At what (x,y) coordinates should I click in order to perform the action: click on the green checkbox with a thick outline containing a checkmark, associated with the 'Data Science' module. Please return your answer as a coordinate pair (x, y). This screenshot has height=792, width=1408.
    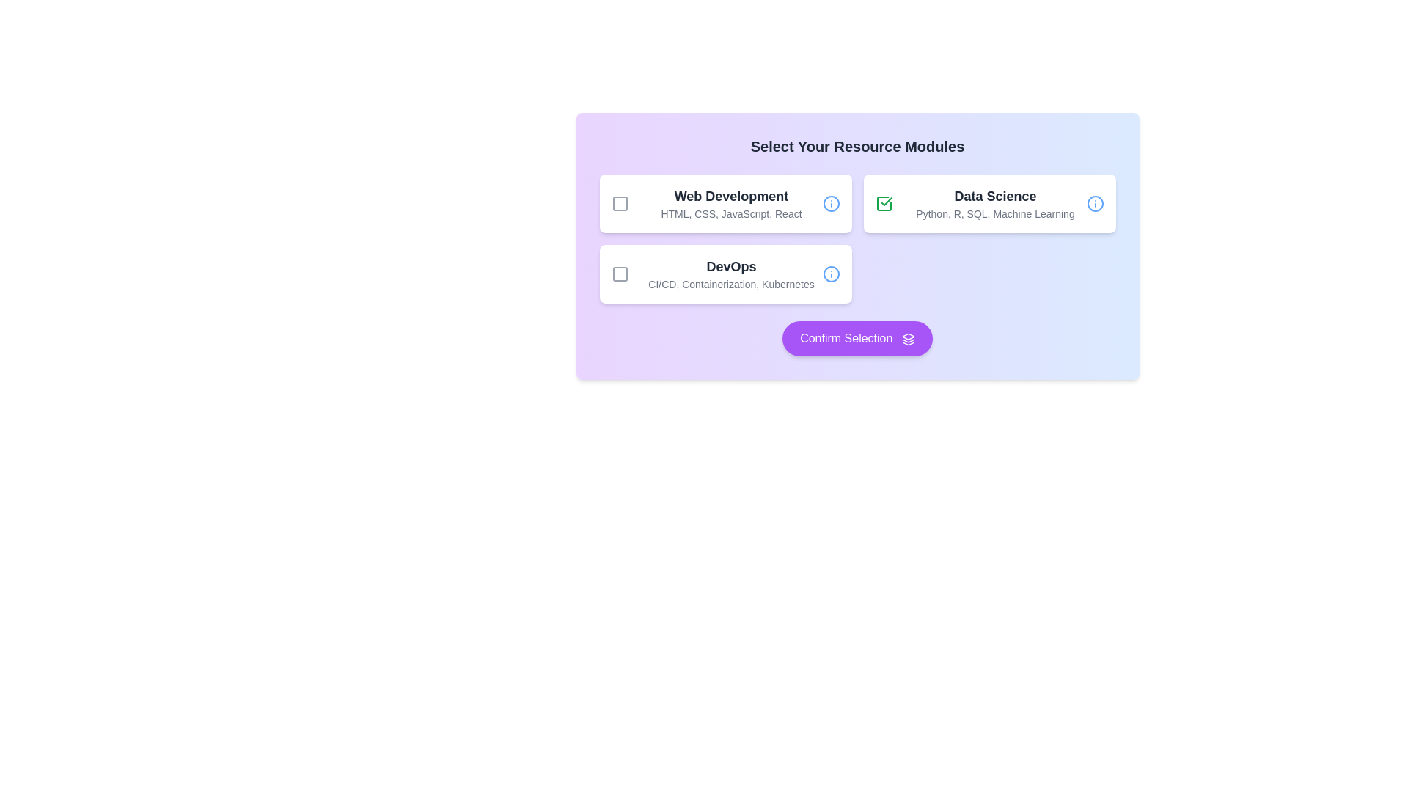
    Looking at the image, I should click on (883, 203).